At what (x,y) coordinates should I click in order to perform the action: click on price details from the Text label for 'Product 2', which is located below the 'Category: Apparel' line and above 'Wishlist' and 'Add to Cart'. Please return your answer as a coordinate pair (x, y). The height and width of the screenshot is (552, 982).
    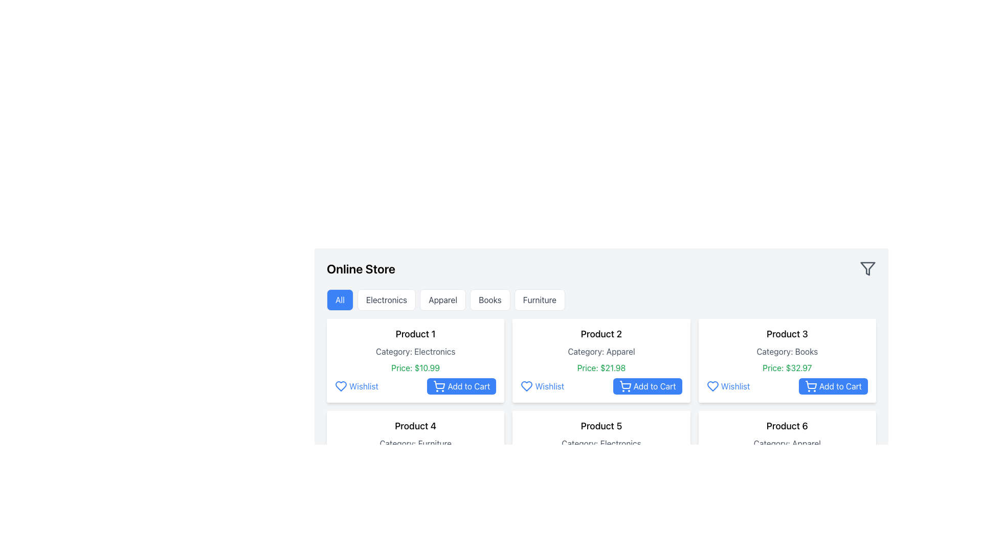
    Looking at the image, I should click on (601, 368).